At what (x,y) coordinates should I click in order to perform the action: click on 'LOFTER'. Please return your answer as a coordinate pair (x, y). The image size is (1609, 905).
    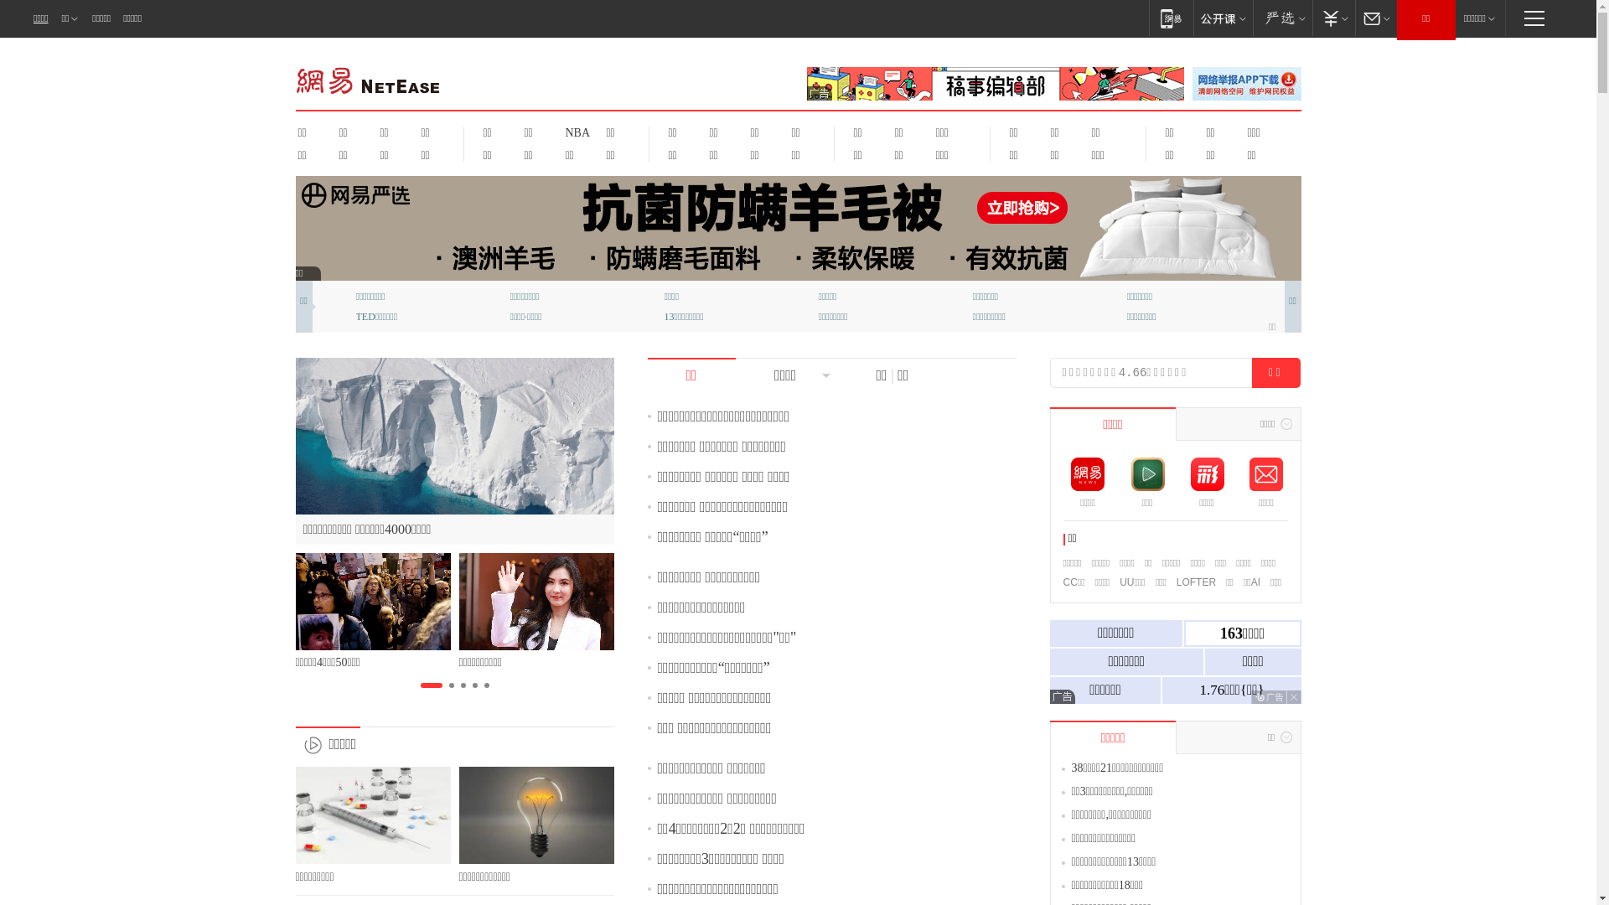
    Looking at the image, I should click on (1175, 581).